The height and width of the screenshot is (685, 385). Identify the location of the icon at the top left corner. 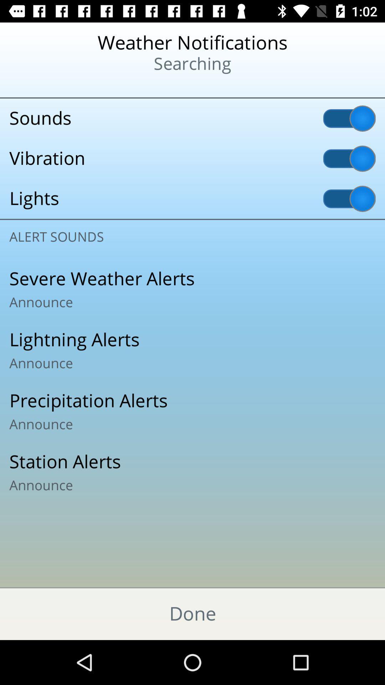
(47, 86).